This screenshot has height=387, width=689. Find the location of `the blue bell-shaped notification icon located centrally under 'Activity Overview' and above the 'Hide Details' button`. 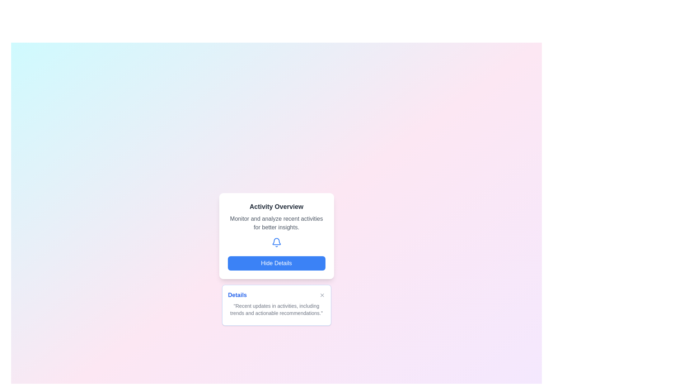

the blue bell-shaped notification icon located centrally under 'Activity Overview' and above the 'Hide Details' button is located at coordinates (276, 242).